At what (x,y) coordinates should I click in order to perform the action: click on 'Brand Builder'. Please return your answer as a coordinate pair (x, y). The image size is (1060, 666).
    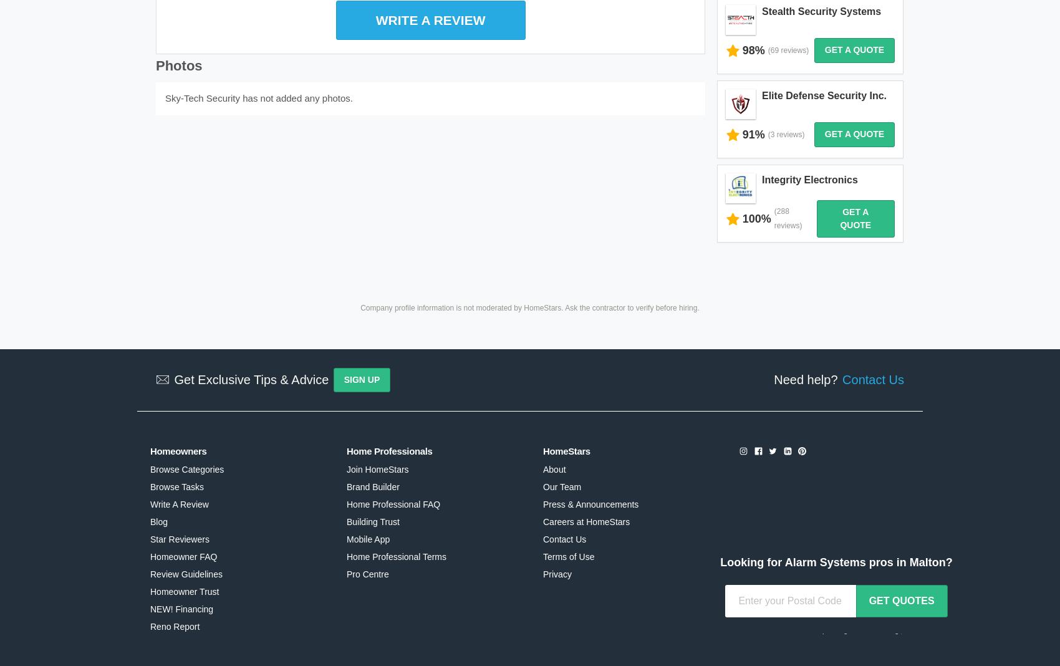
    Looking at the image, I should click on (372, 434).